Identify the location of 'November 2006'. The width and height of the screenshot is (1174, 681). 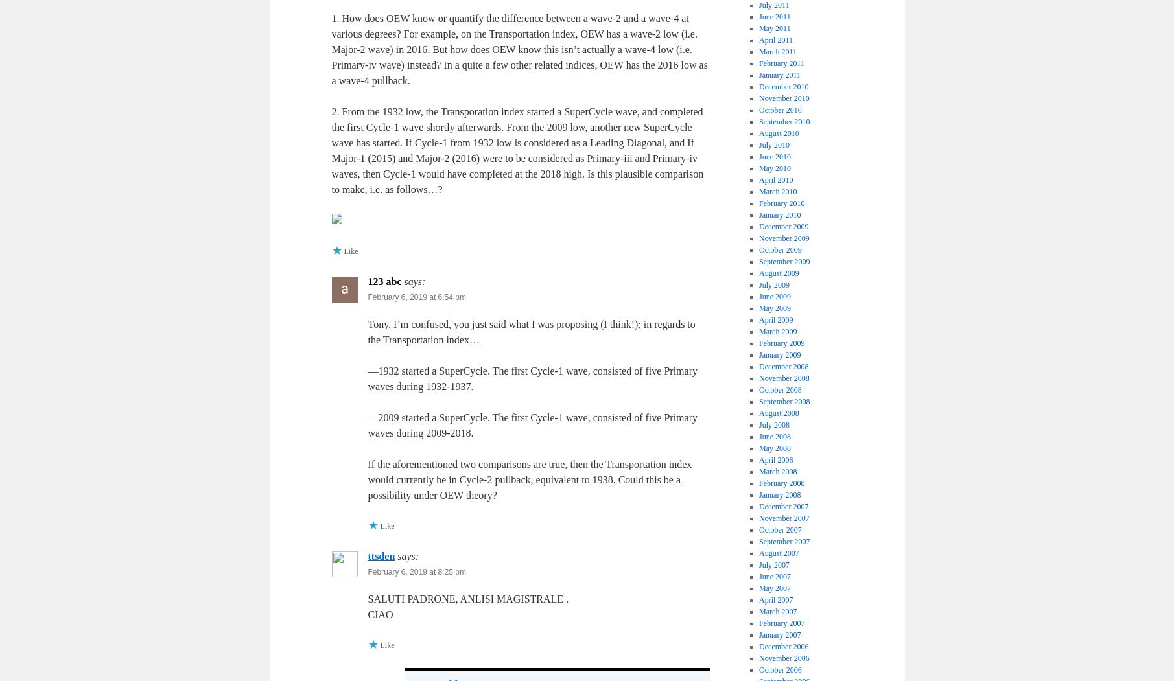
(758, 656).